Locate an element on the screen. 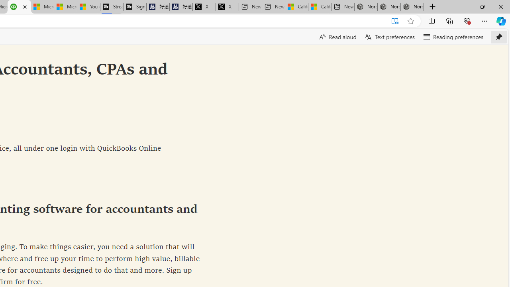 Image resolution: width=510 pixels, height=287 pixels. 'Exit Immersive Reader (F9)' is located at coordinates (395, 21).